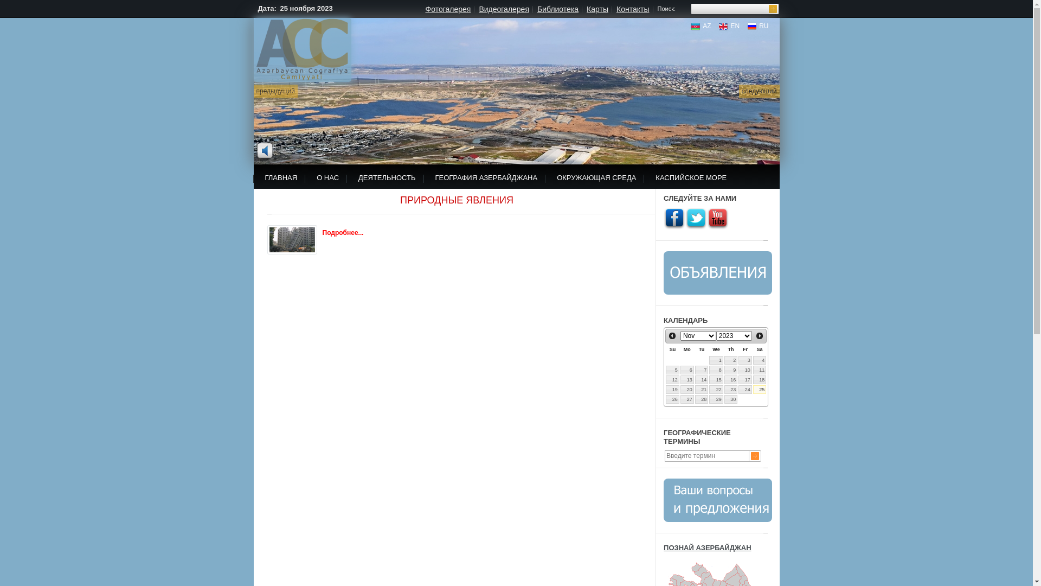 This screenshot has height=586, width=1041. Describe the element at coordinates (731, 360) in the screenshot. I see `'2'` at that location.